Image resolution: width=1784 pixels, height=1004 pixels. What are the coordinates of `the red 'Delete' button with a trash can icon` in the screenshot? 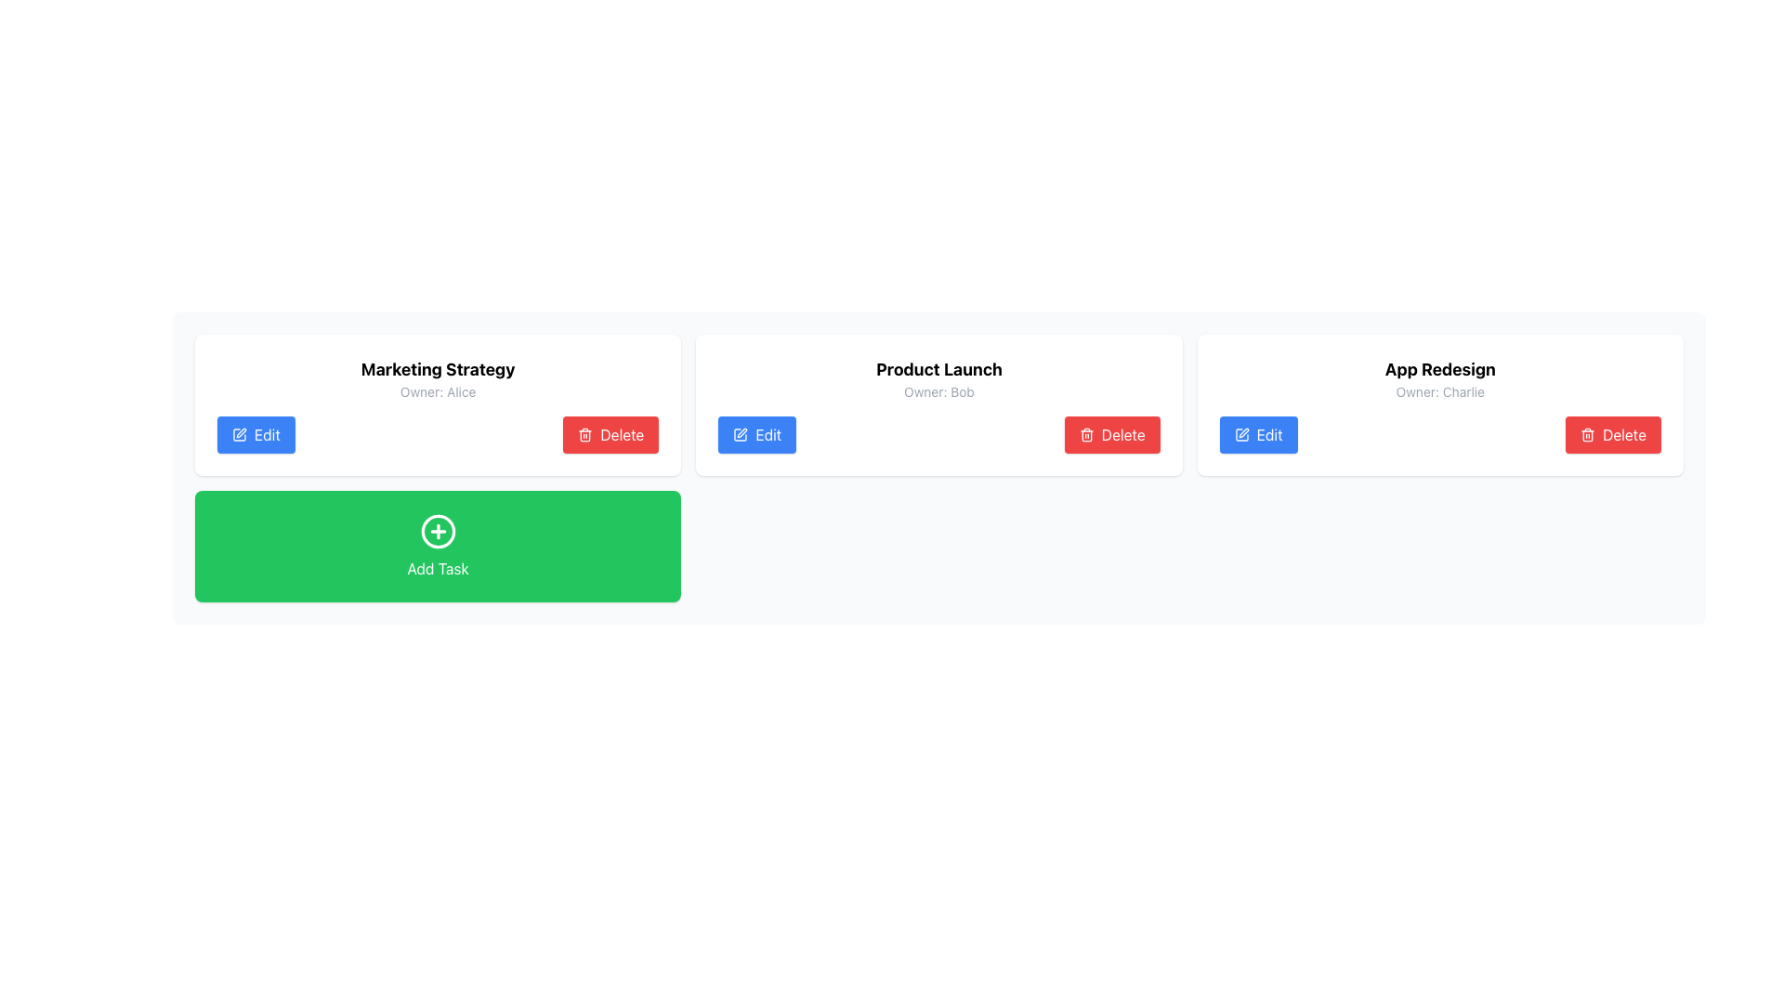 It's located at (1112, 434).